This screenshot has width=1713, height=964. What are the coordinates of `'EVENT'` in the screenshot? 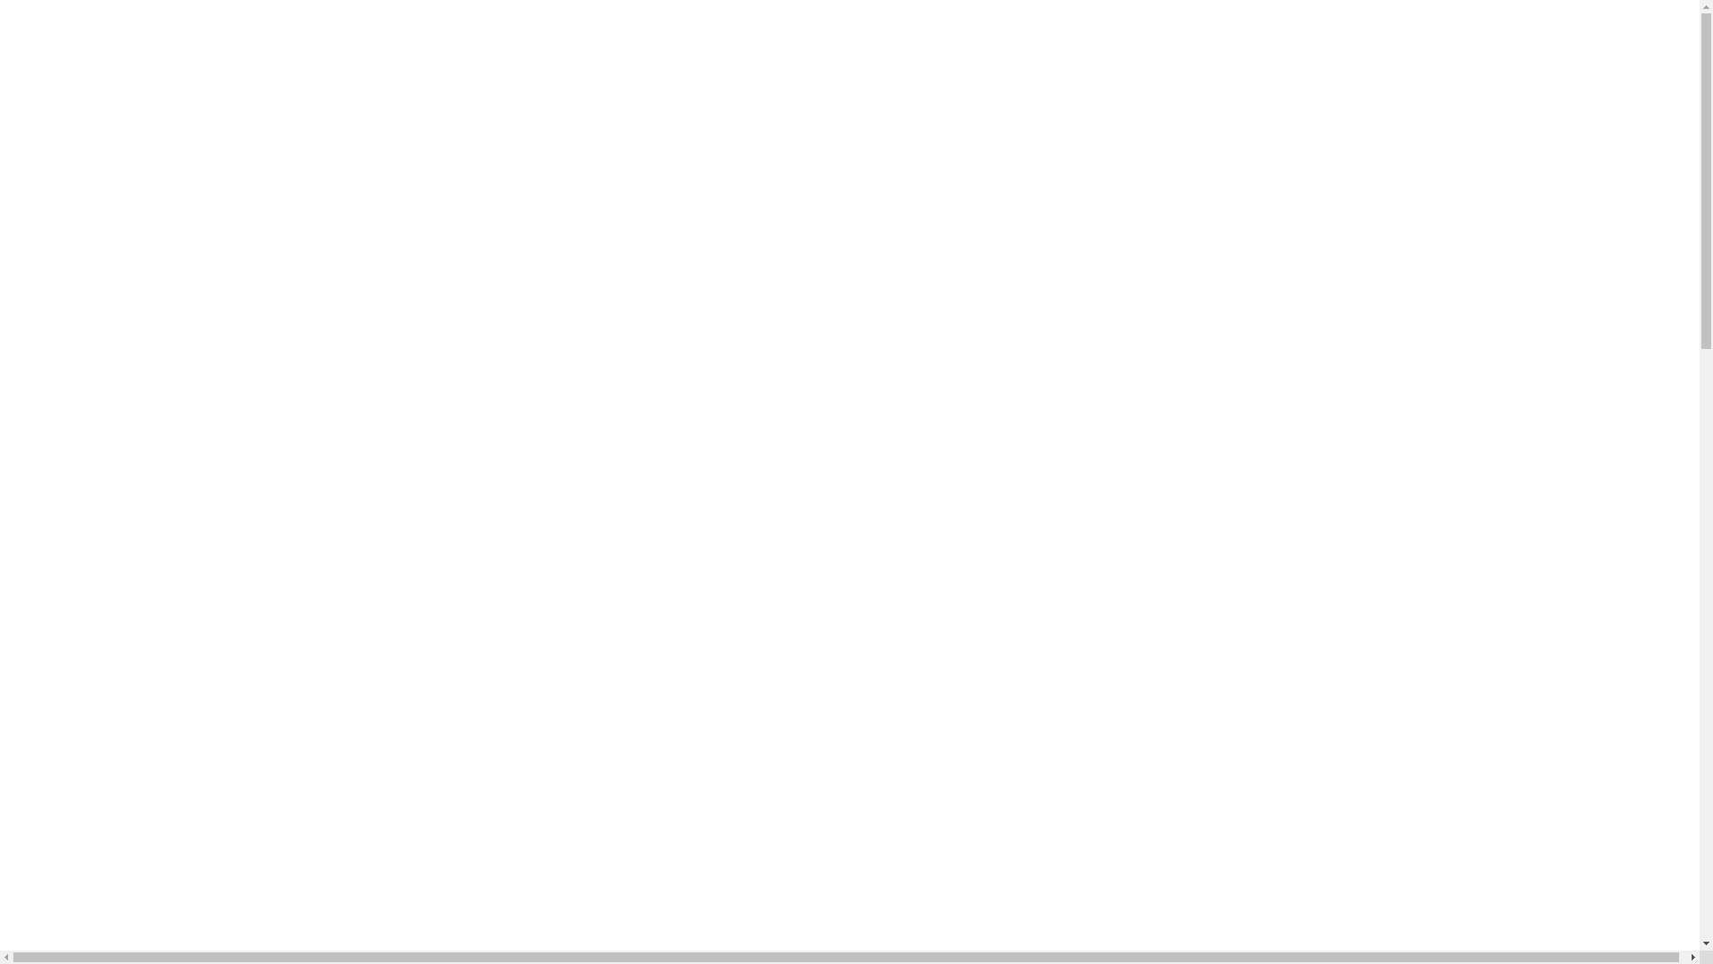 It's located at (64, 486).